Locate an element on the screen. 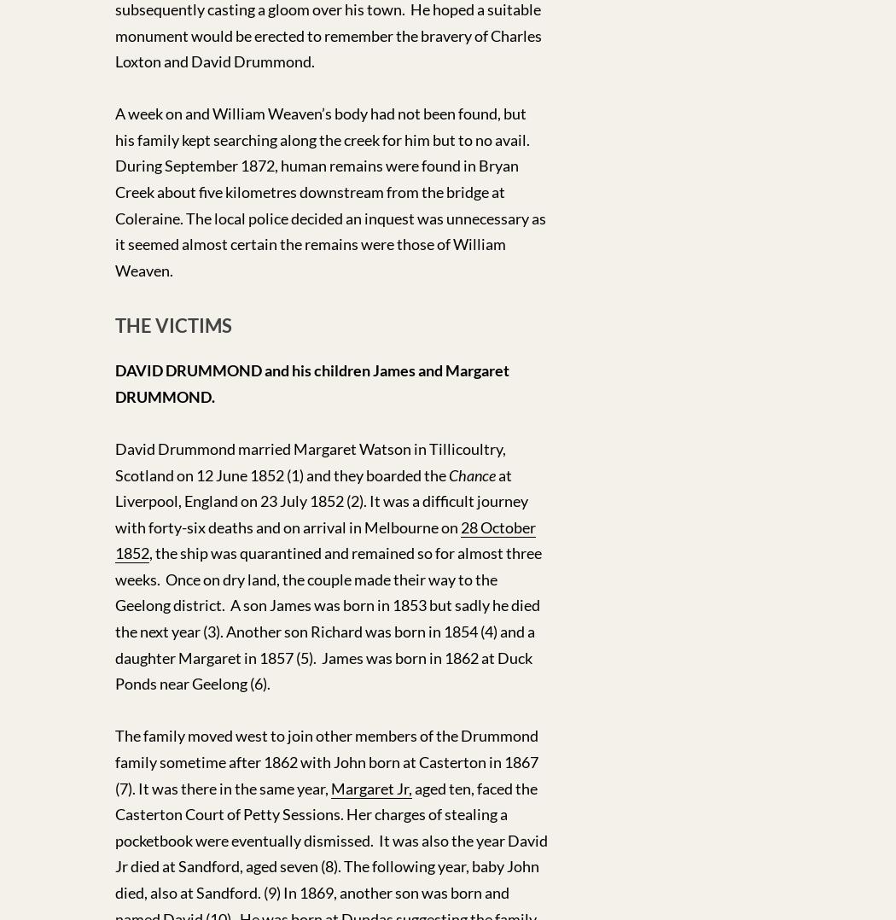 This screenshot has width=896, height=920. 'DAVID DRUMMOND and his children James and Margaret DRUMMOND.' is located at coordinates (114, 382).